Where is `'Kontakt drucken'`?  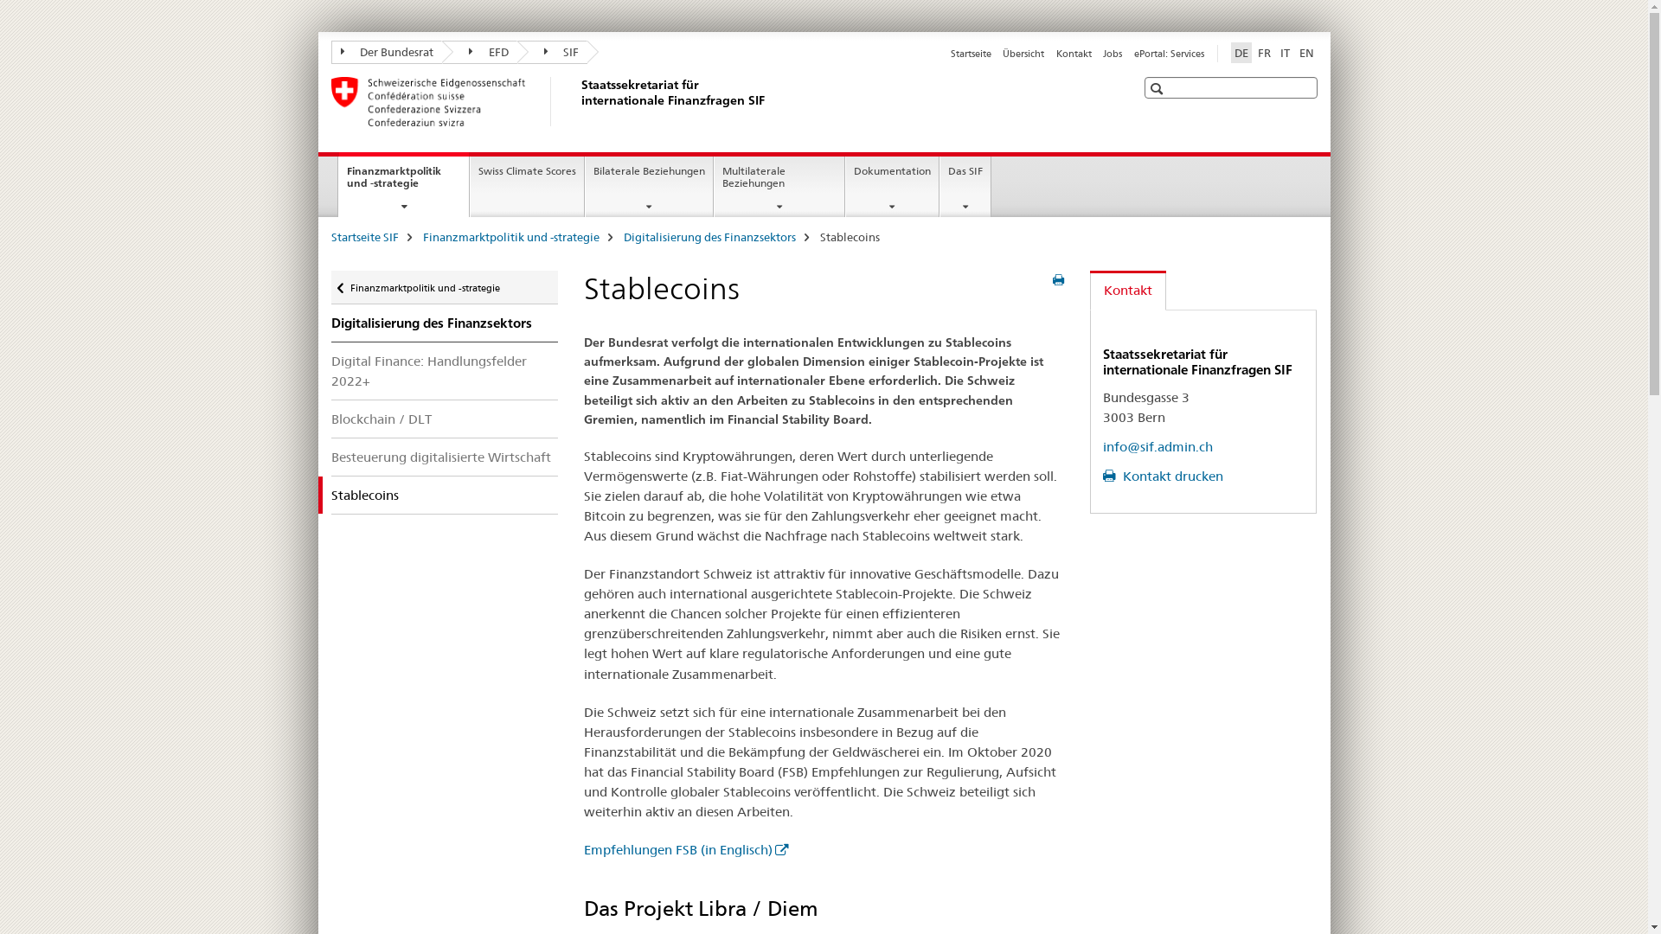
'Kontakt drucken' is located at coordinates (1102, 476).